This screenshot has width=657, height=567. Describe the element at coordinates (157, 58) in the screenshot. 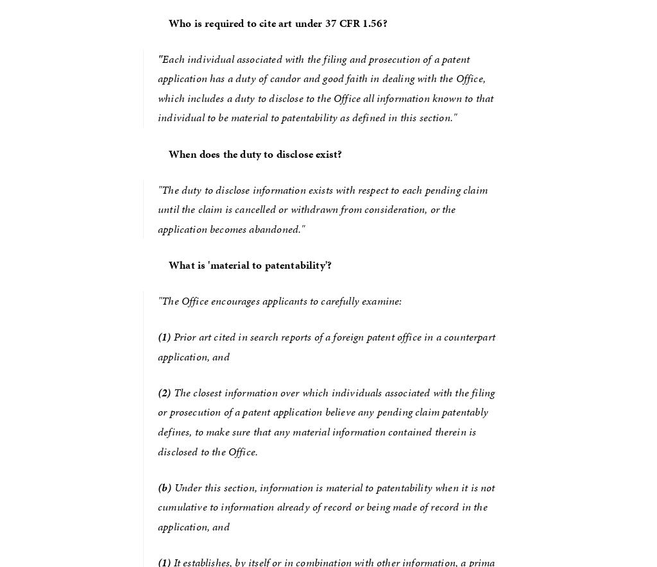

I see `'"'` at that location.